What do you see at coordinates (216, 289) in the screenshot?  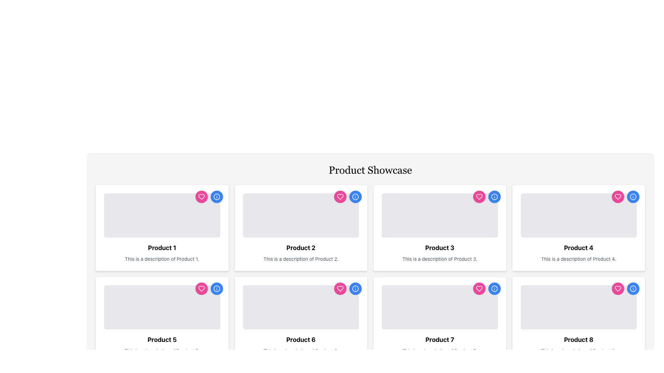 I see `the button in the top-right corner of the card for 'Product 5'` at bounding box center [216, 289].